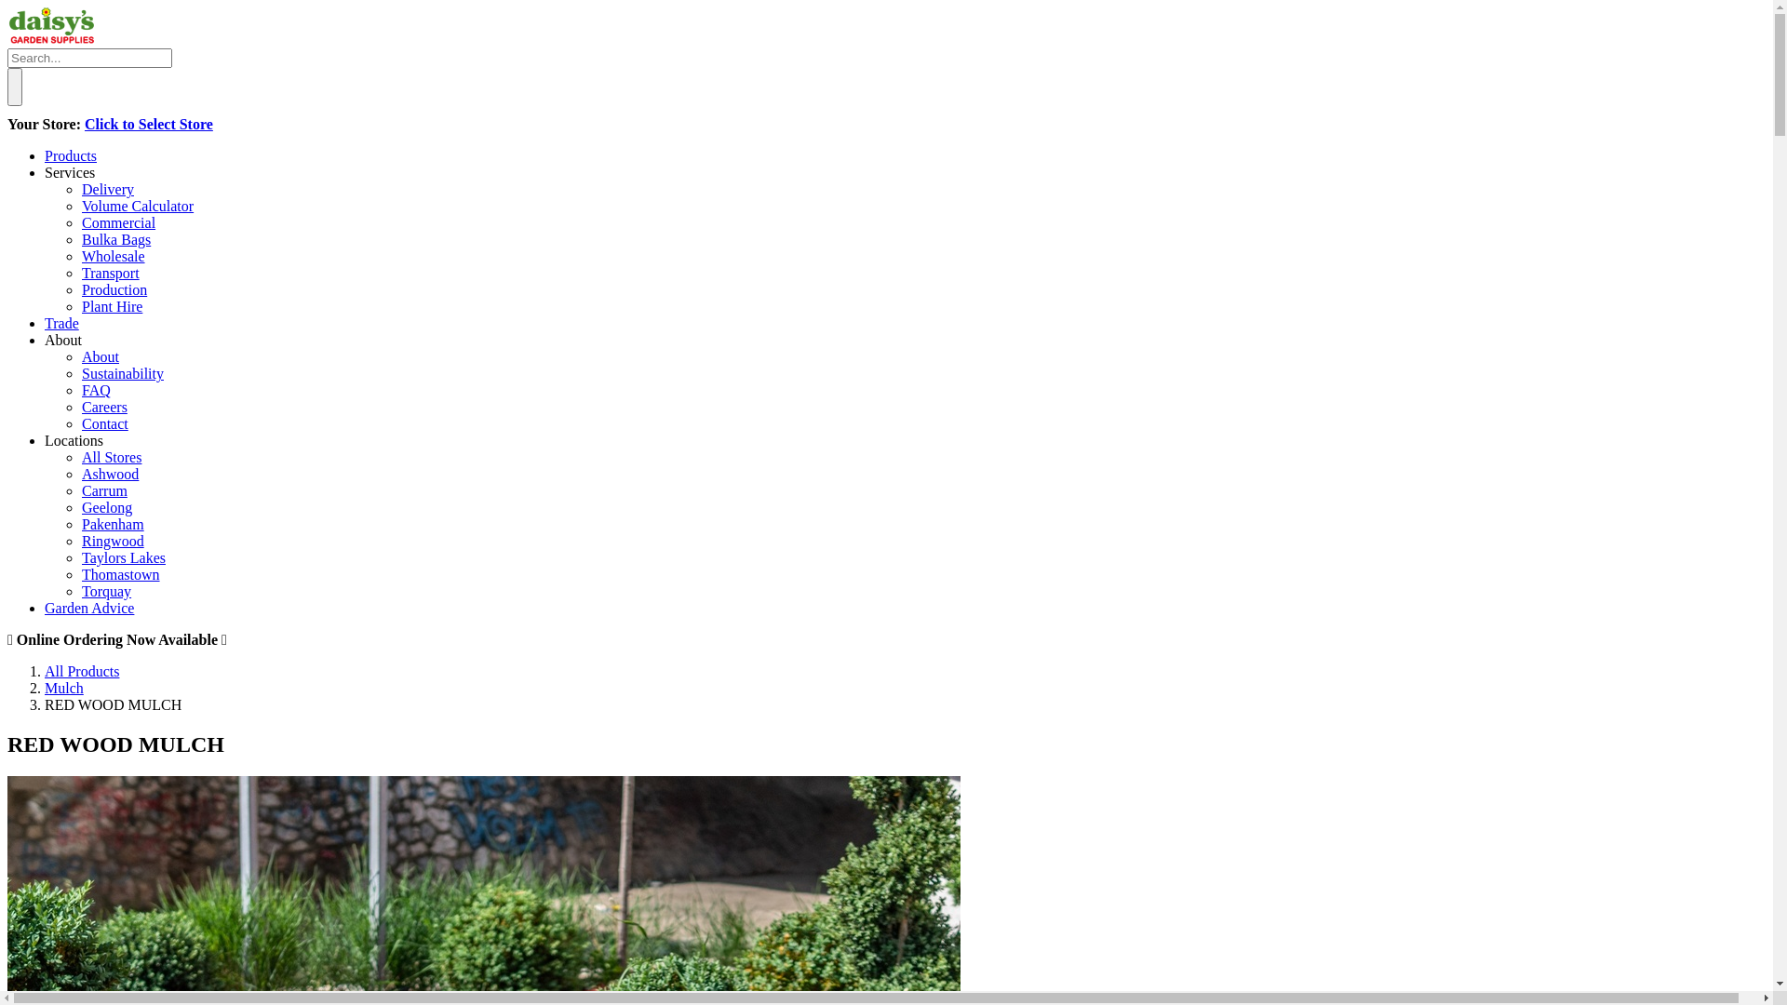 The height and width of the screenshot is (1005, 1787). Describe the element at coordinates (62, 340) in the screenshot. I see `'About'` at that location.